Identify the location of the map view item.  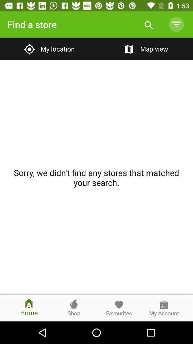
(145, 48).